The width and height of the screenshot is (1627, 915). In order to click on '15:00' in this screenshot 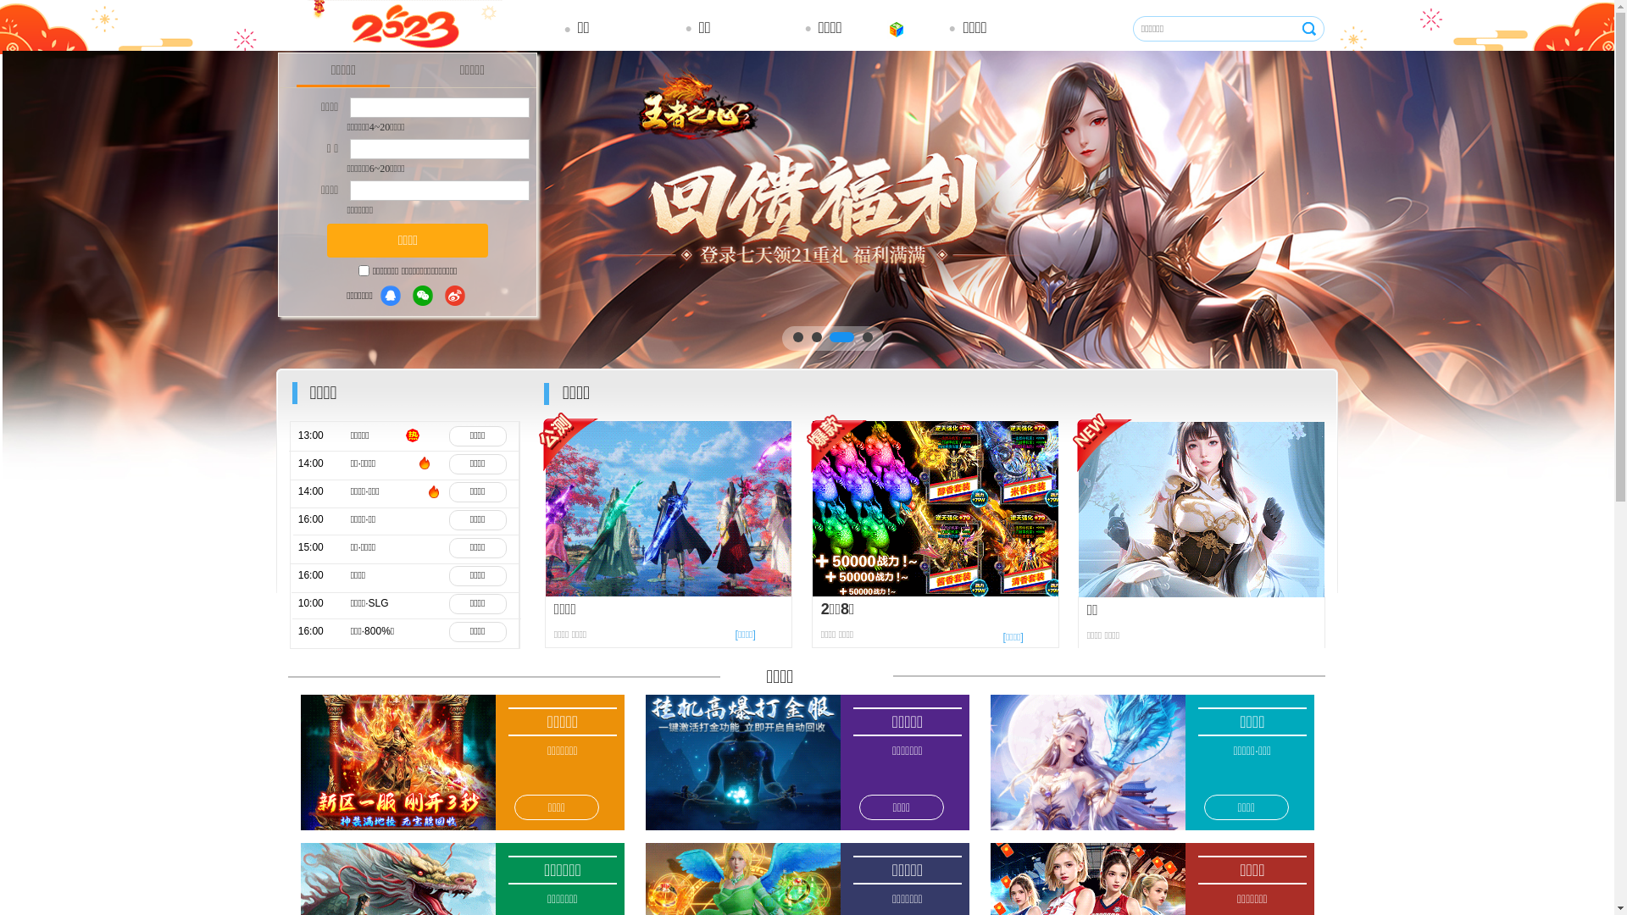, I will do `click(322, 547)`.